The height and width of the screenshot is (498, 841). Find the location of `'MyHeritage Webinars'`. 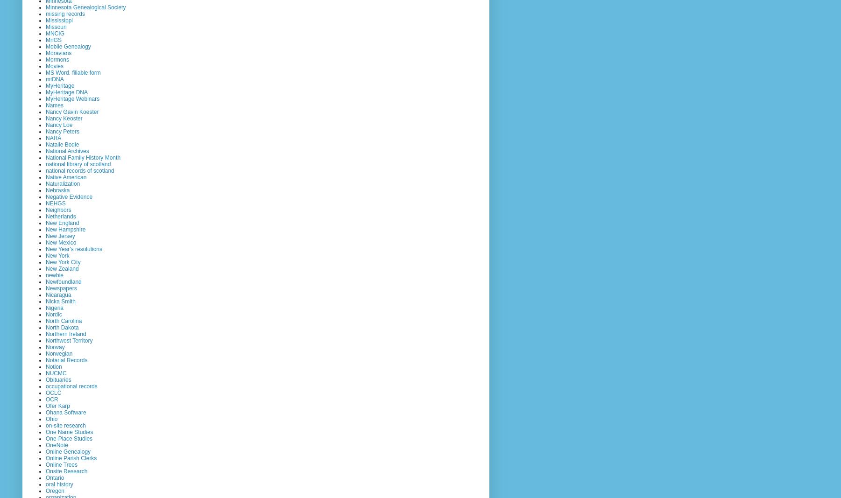

'MyHeritage Webinars' is located at coordinates (72, 98).